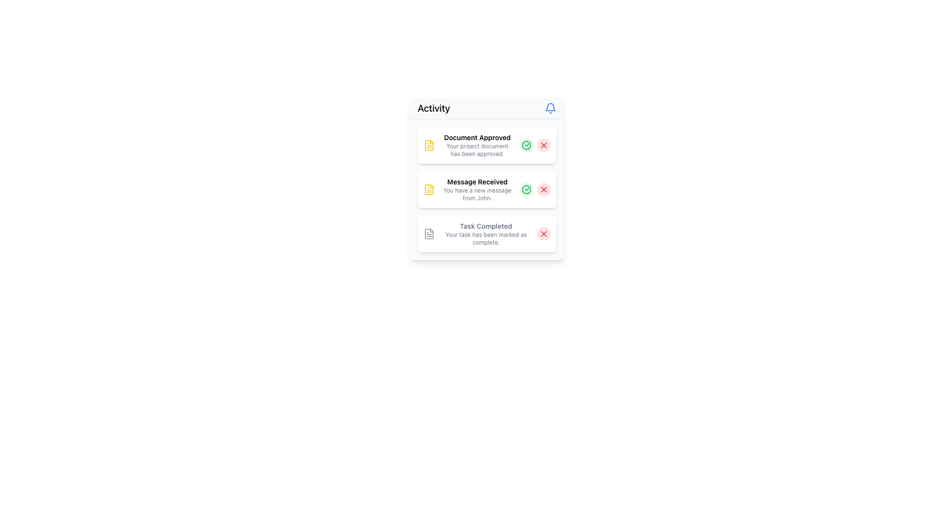 This screenshot has height=520, width=925. I want to click on the dismiss/delete icon located in the topmost notification card under the 'Activity' section, aligned to the right of the card, adjacent to the green checkmark icon, so click(543, 145).